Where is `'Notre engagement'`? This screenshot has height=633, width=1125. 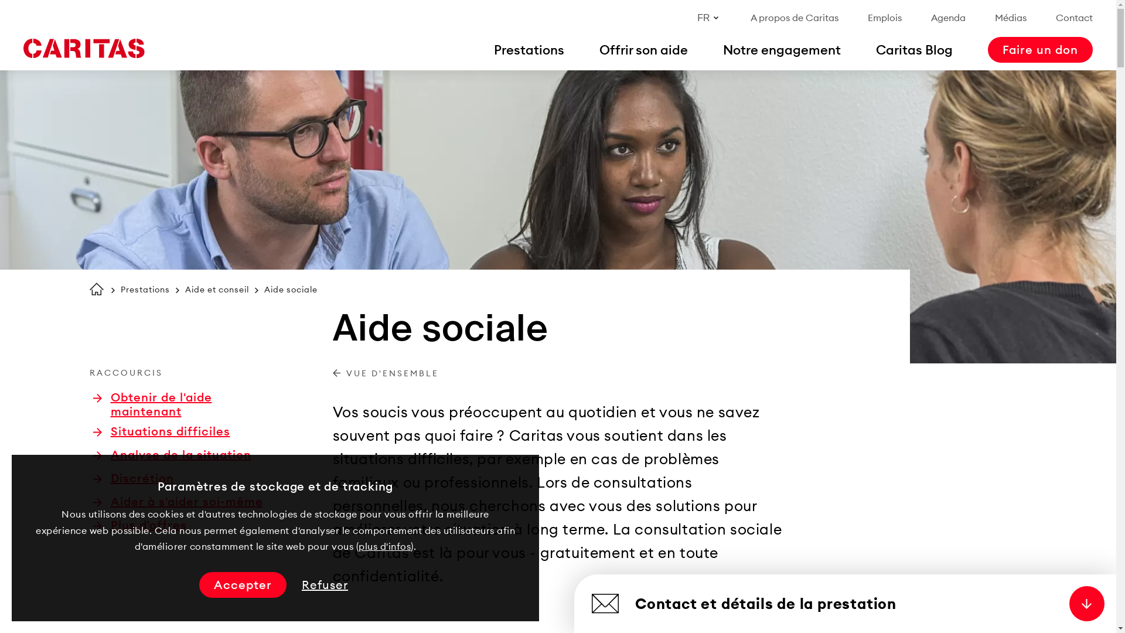
'Notre engagement' is located at coordinates (782, 49).